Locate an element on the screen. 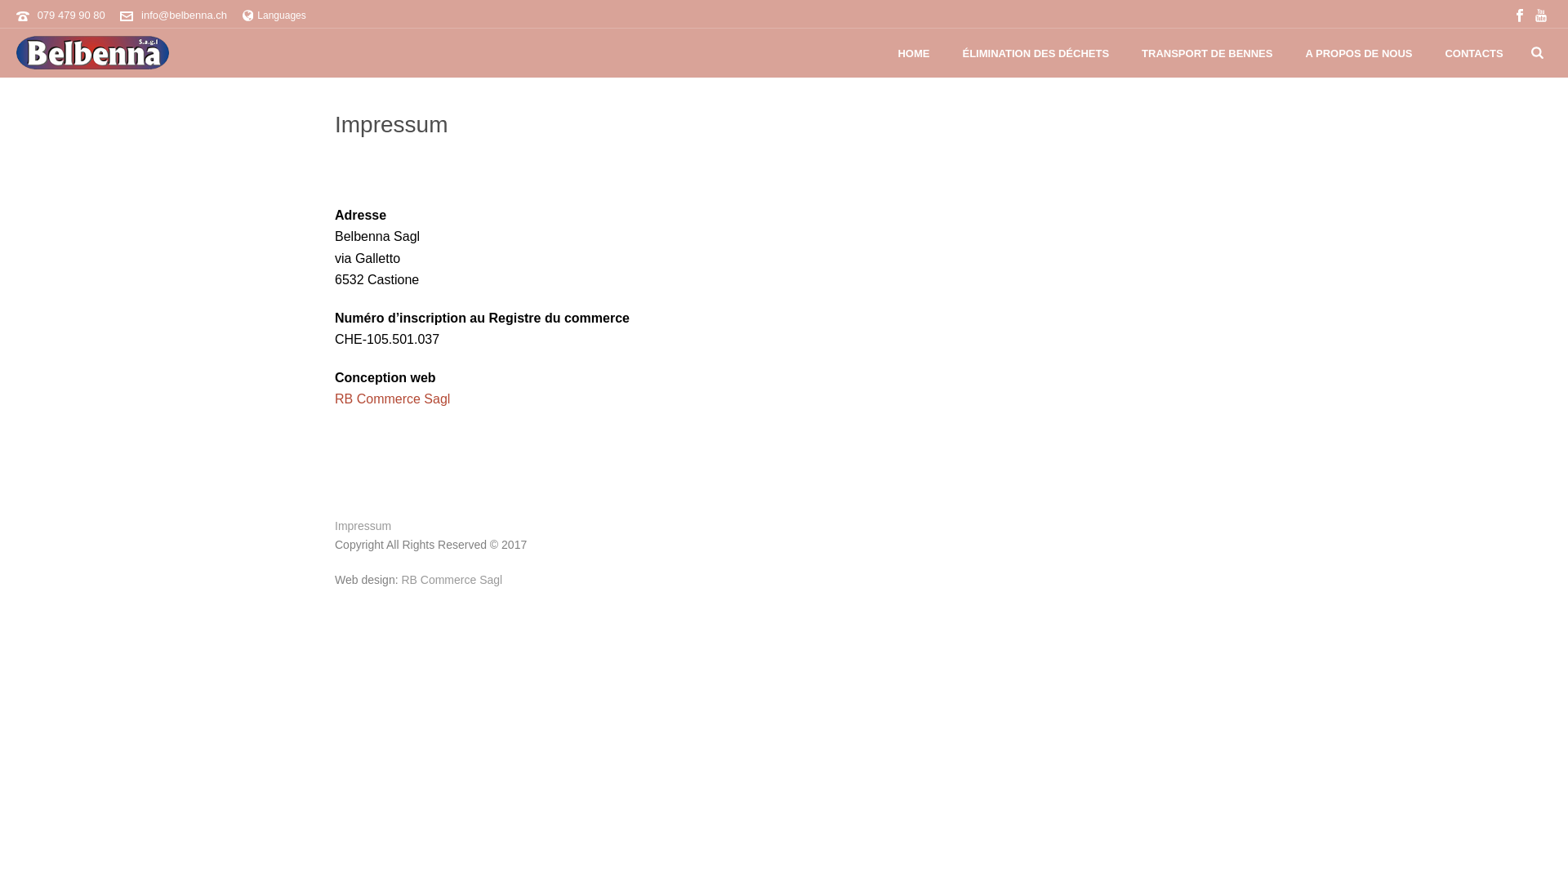 This screenshot has width=1568, height=882. 'RB Commerce Sagl' is located at coordinates (392, 399).